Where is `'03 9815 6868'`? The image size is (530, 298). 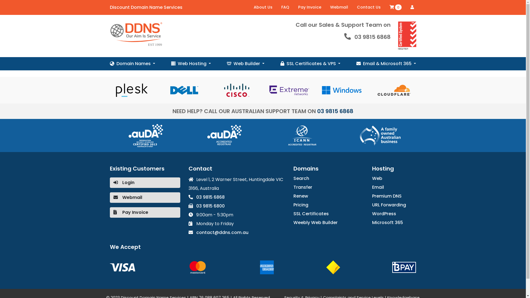
'03 9815 6868' is located at coordinates (372, 37).